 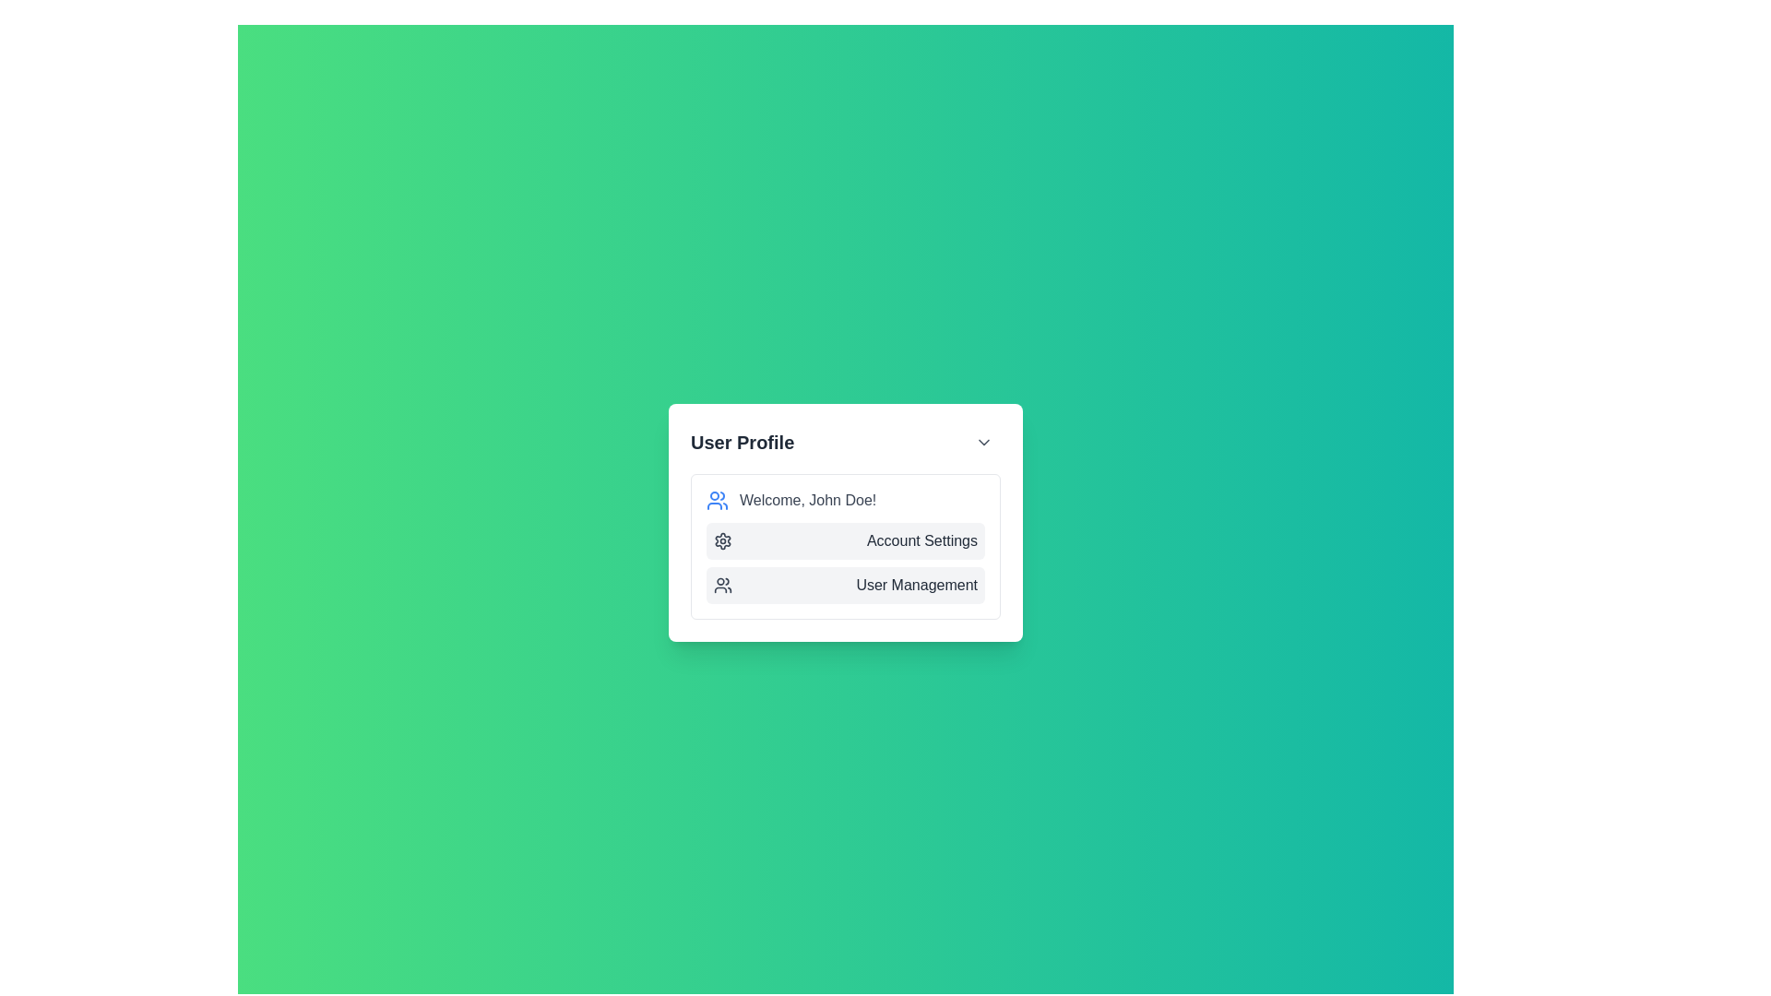 I want to click on the 'User Management' navigational link located directly below the 'Account Settings' option in the dropdown menu, so click(x=844, y=586).